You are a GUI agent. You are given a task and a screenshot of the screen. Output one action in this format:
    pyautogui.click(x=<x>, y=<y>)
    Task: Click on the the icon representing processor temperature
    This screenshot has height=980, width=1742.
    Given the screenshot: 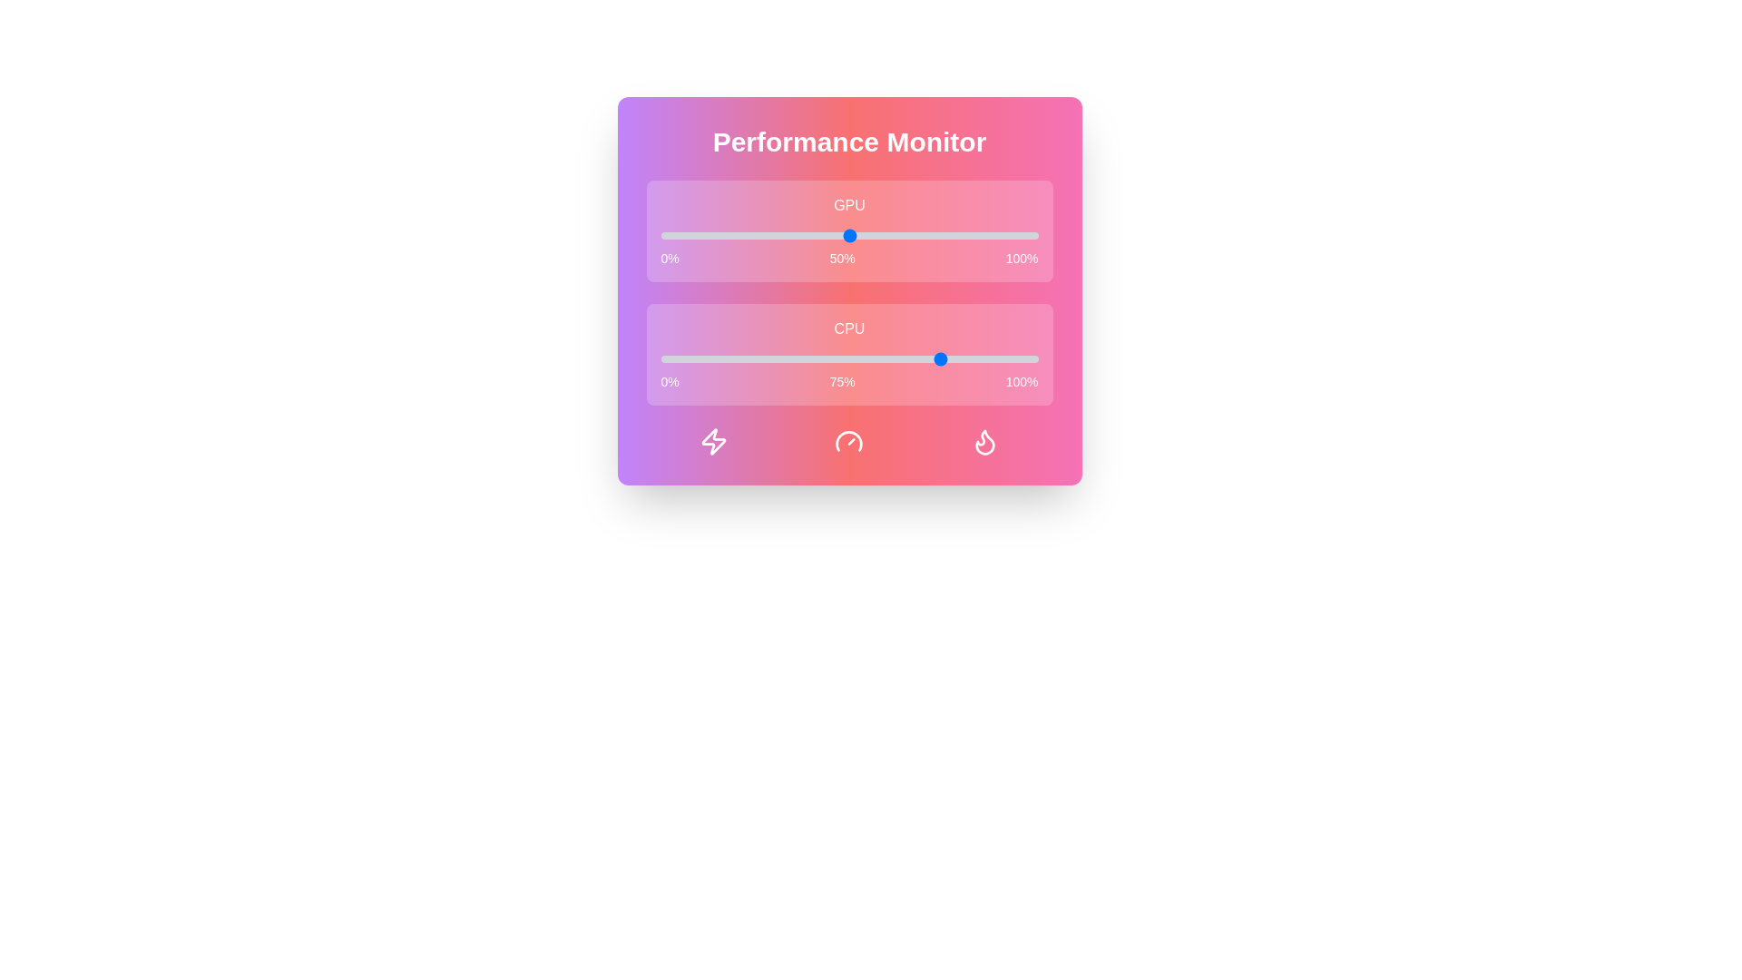 What is the action you would take?
    pyautogui.click(x=984, y=441)
    